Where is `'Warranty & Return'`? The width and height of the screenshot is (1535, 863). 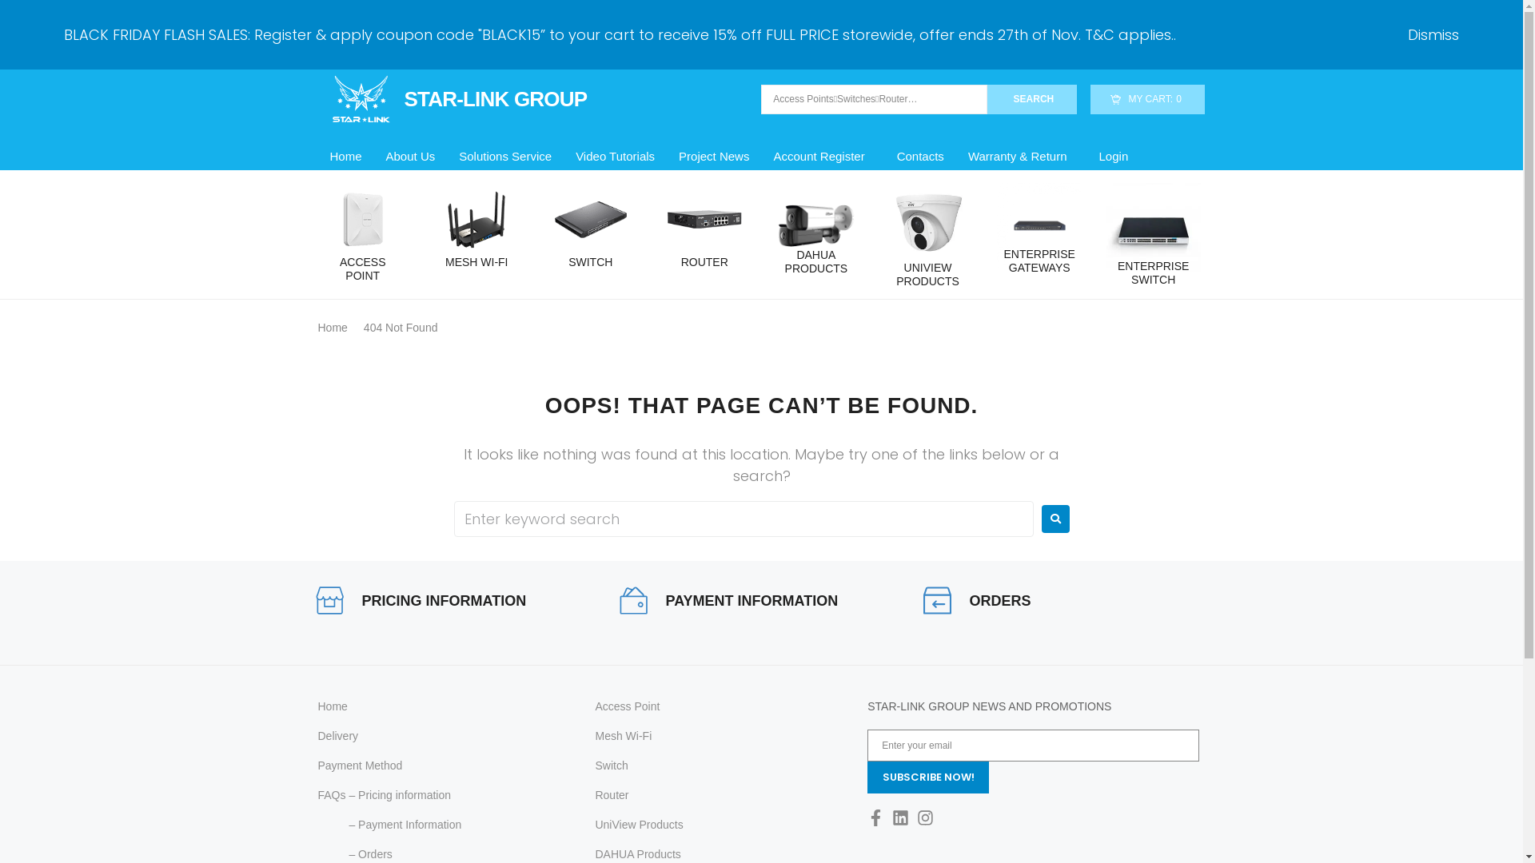
'Warranty & Return' is located at coordinates (1020, 157).